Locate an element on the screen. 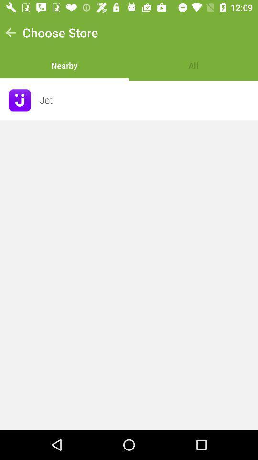 The image size is (258, 460). item next to the jet is located at coordinates (20, 100).